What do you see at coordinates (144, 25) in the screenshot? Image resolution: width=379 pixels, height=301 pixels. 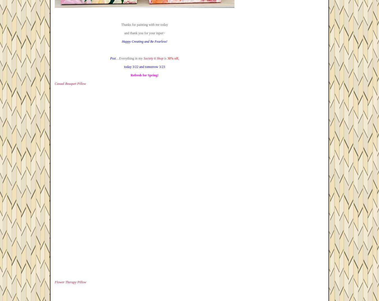 I see `'Thanks for painting with me today'` at bounding box center [144, 25].